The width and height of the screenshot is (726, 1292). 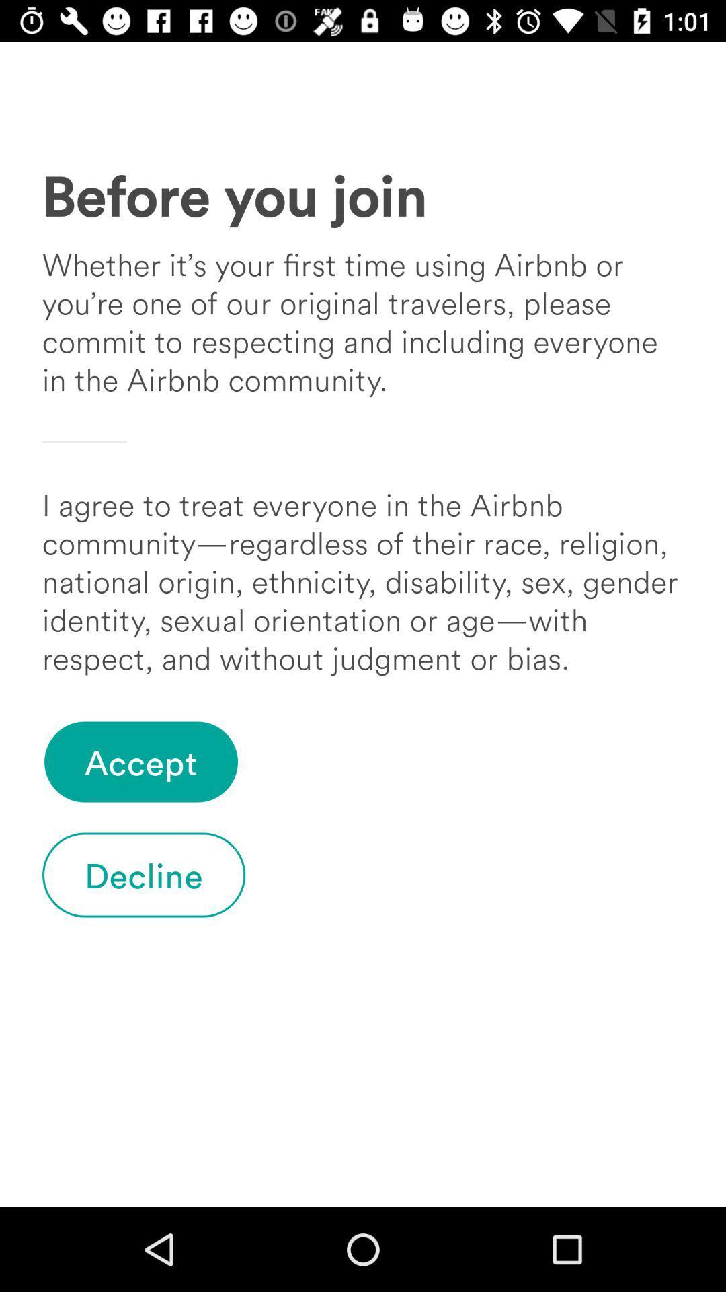 What do you see at coordinates (140, 762) in the screenshot?
I see `the accept item` at bounding box center [140, 762].